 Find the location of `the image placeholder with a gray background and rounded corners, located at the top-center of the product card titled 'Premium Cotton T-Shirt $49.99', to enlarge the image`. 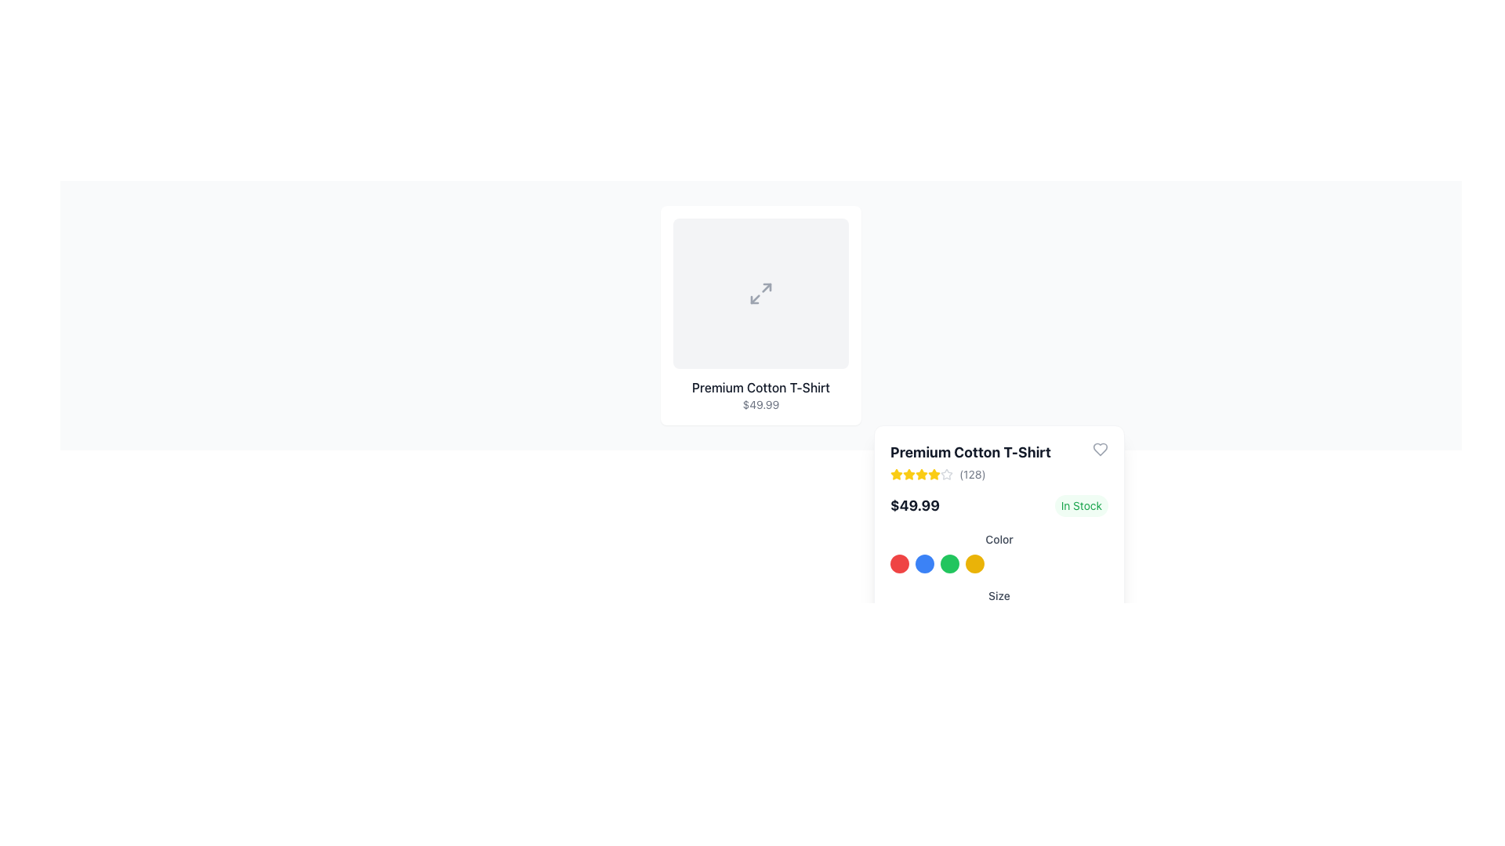

the image placeholder with a gray background and rounded corners, located at the top-center of the product card titled 'Premium Cotton T-Shirt $49.99', to enlarge the image is located at coordinates (760, 293).